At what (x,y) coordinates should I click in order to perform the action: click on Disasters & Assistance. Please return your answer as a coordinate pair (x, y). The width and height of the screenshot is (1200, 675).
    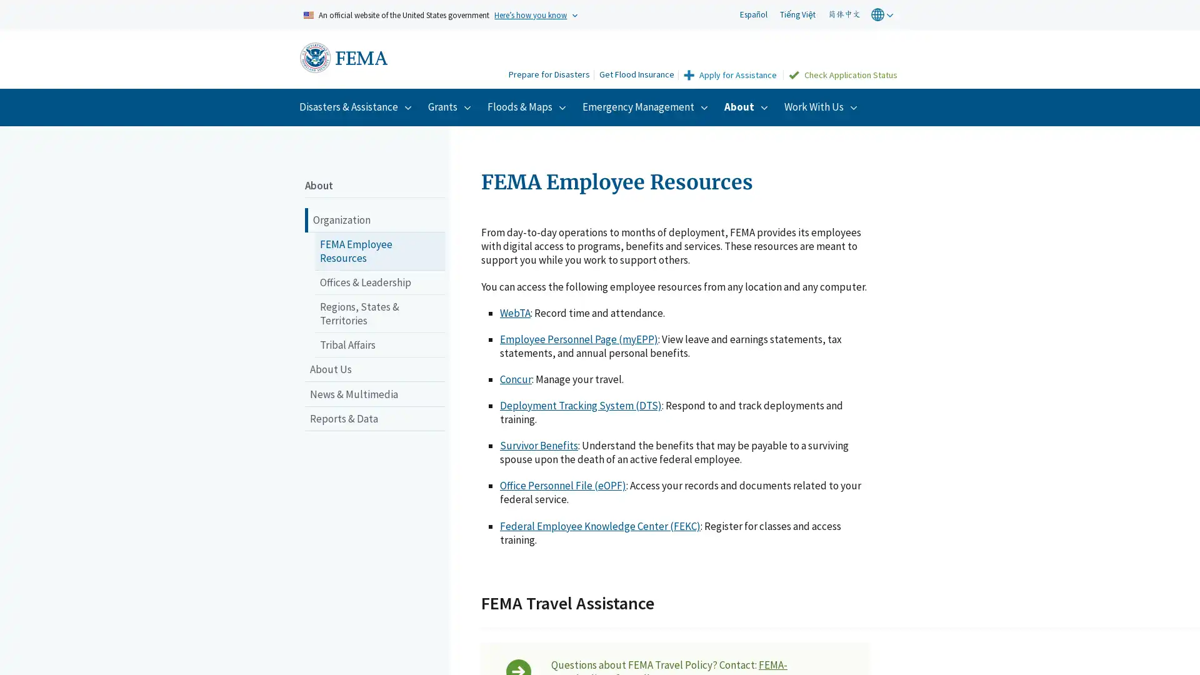
    Looking at the image, I should click on (356, 106).